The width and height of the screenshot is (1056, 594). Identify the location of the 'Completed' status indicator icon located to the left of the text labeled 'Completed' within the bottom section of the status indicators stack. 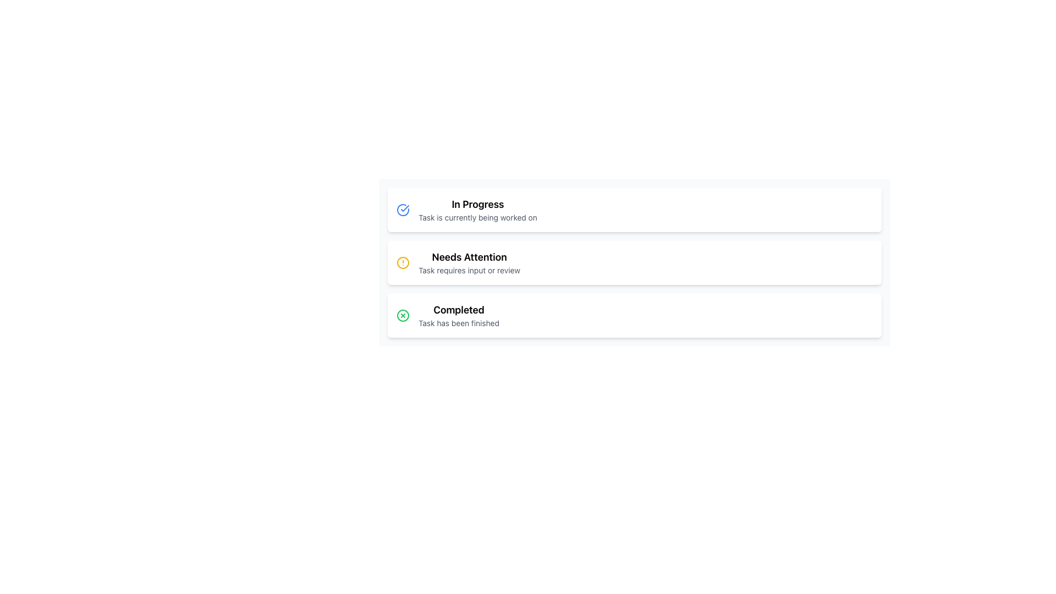
(403, 316).